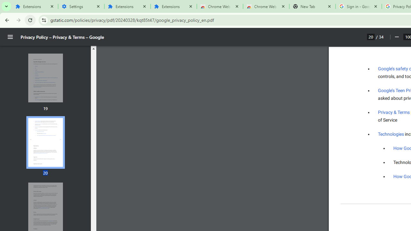 Image resolution: width=411 pixels, height=231 pixels. Describe the element at coordinates (45, 78) in the screenshot. I see `'Thumbnail for page 19'` at that location.